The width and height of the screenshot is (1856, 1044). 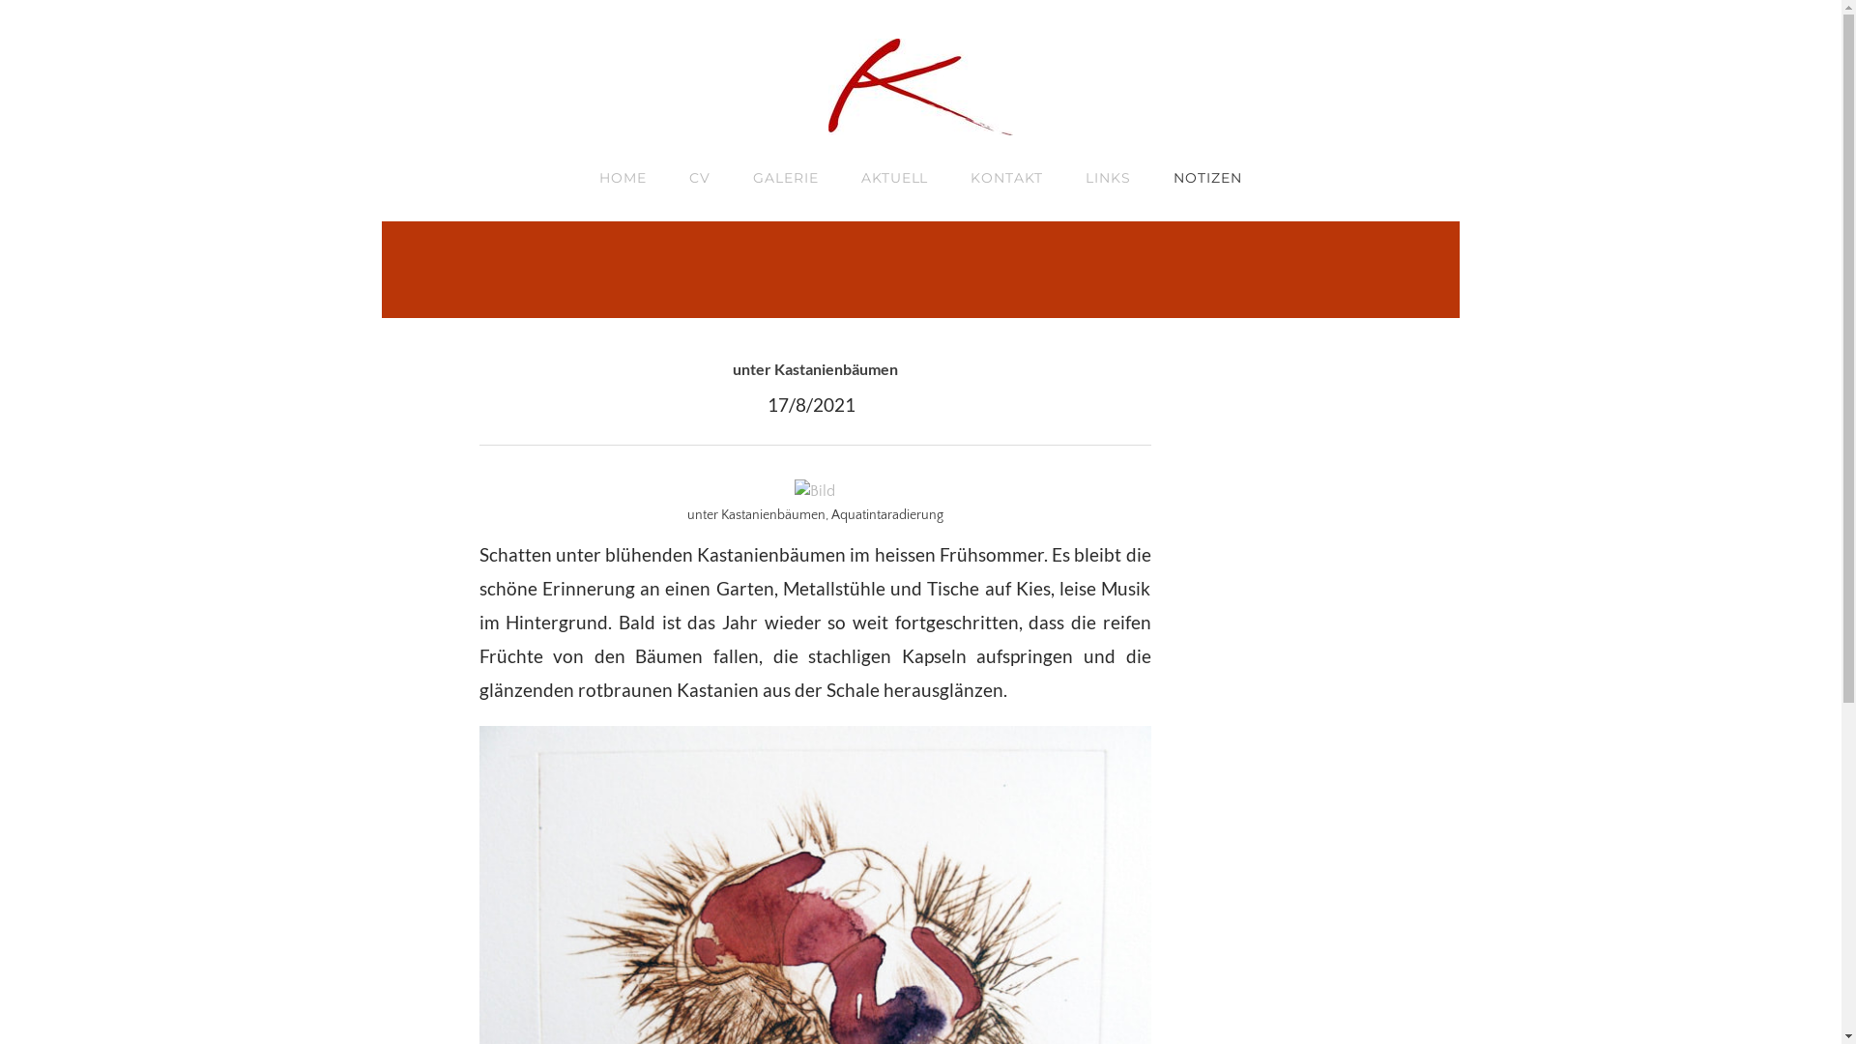 I want to click on 'GALERIE', so click(x=785, y=178).